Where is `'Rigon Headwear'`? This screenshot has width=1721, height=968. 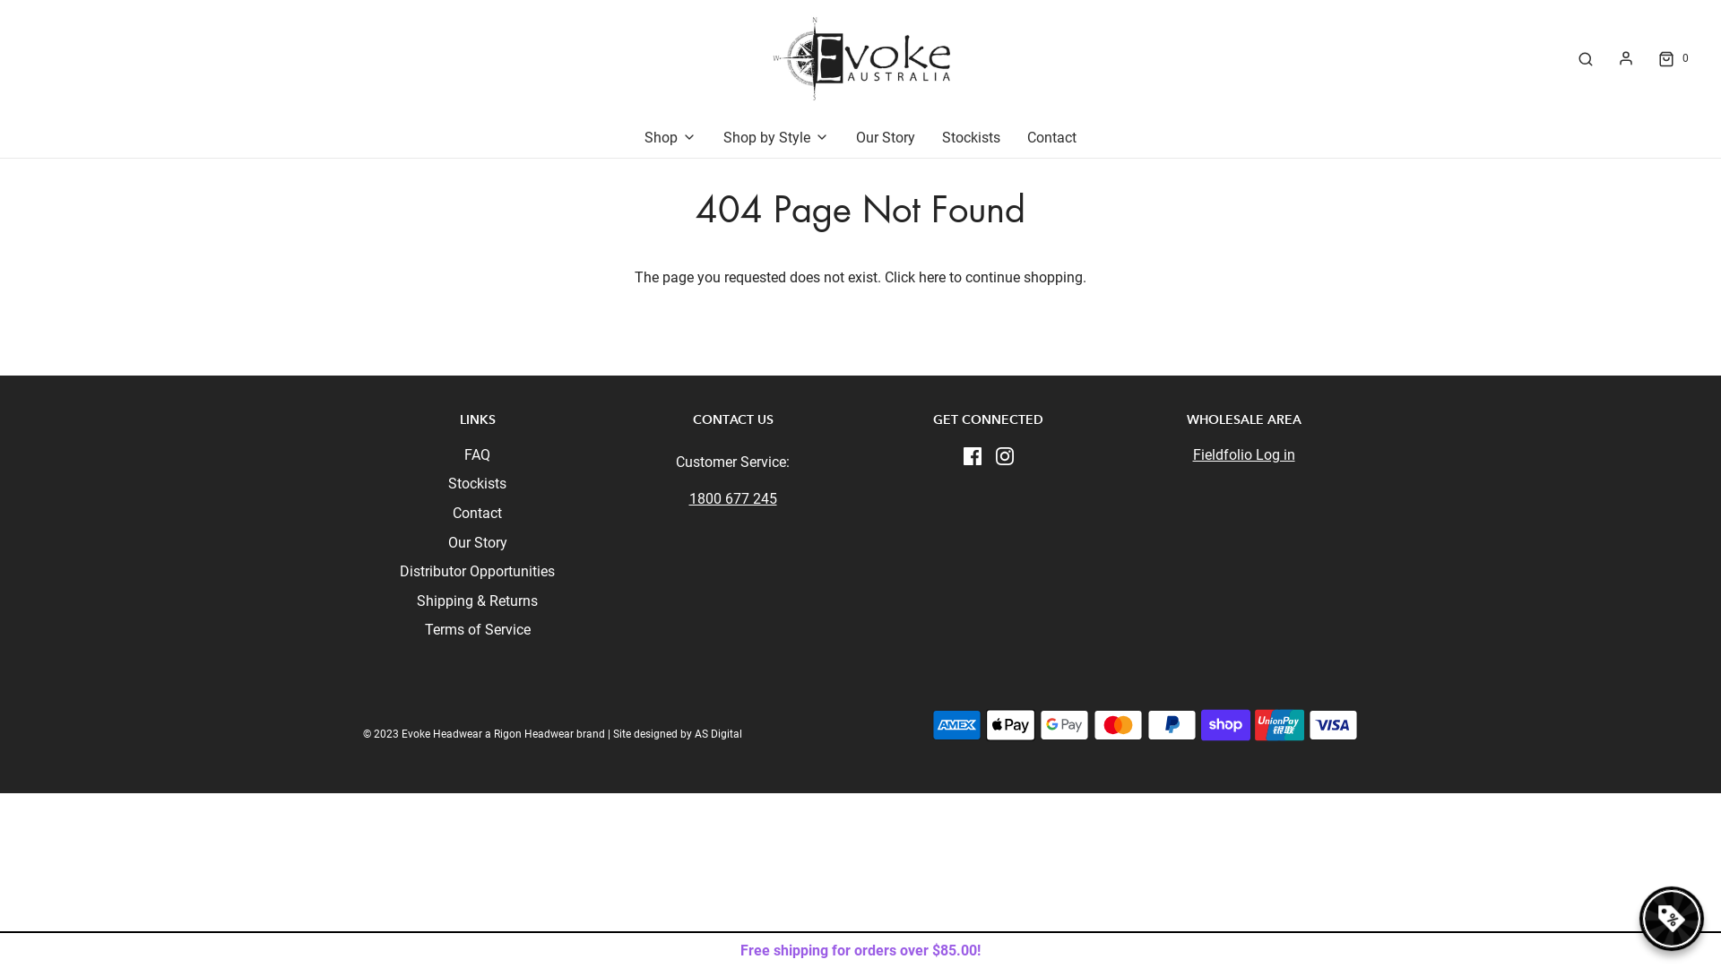 'Rigon Headwear' is located at coordinates (532, 733).